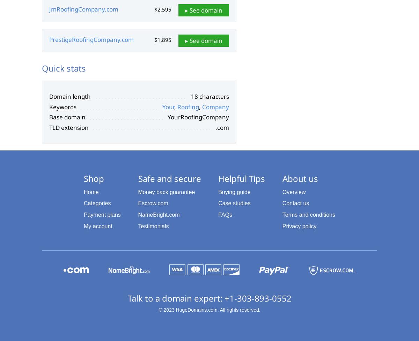  I want to click on '© 2023 HugeDomains.com. All rights reserved.', so click(209, 309).